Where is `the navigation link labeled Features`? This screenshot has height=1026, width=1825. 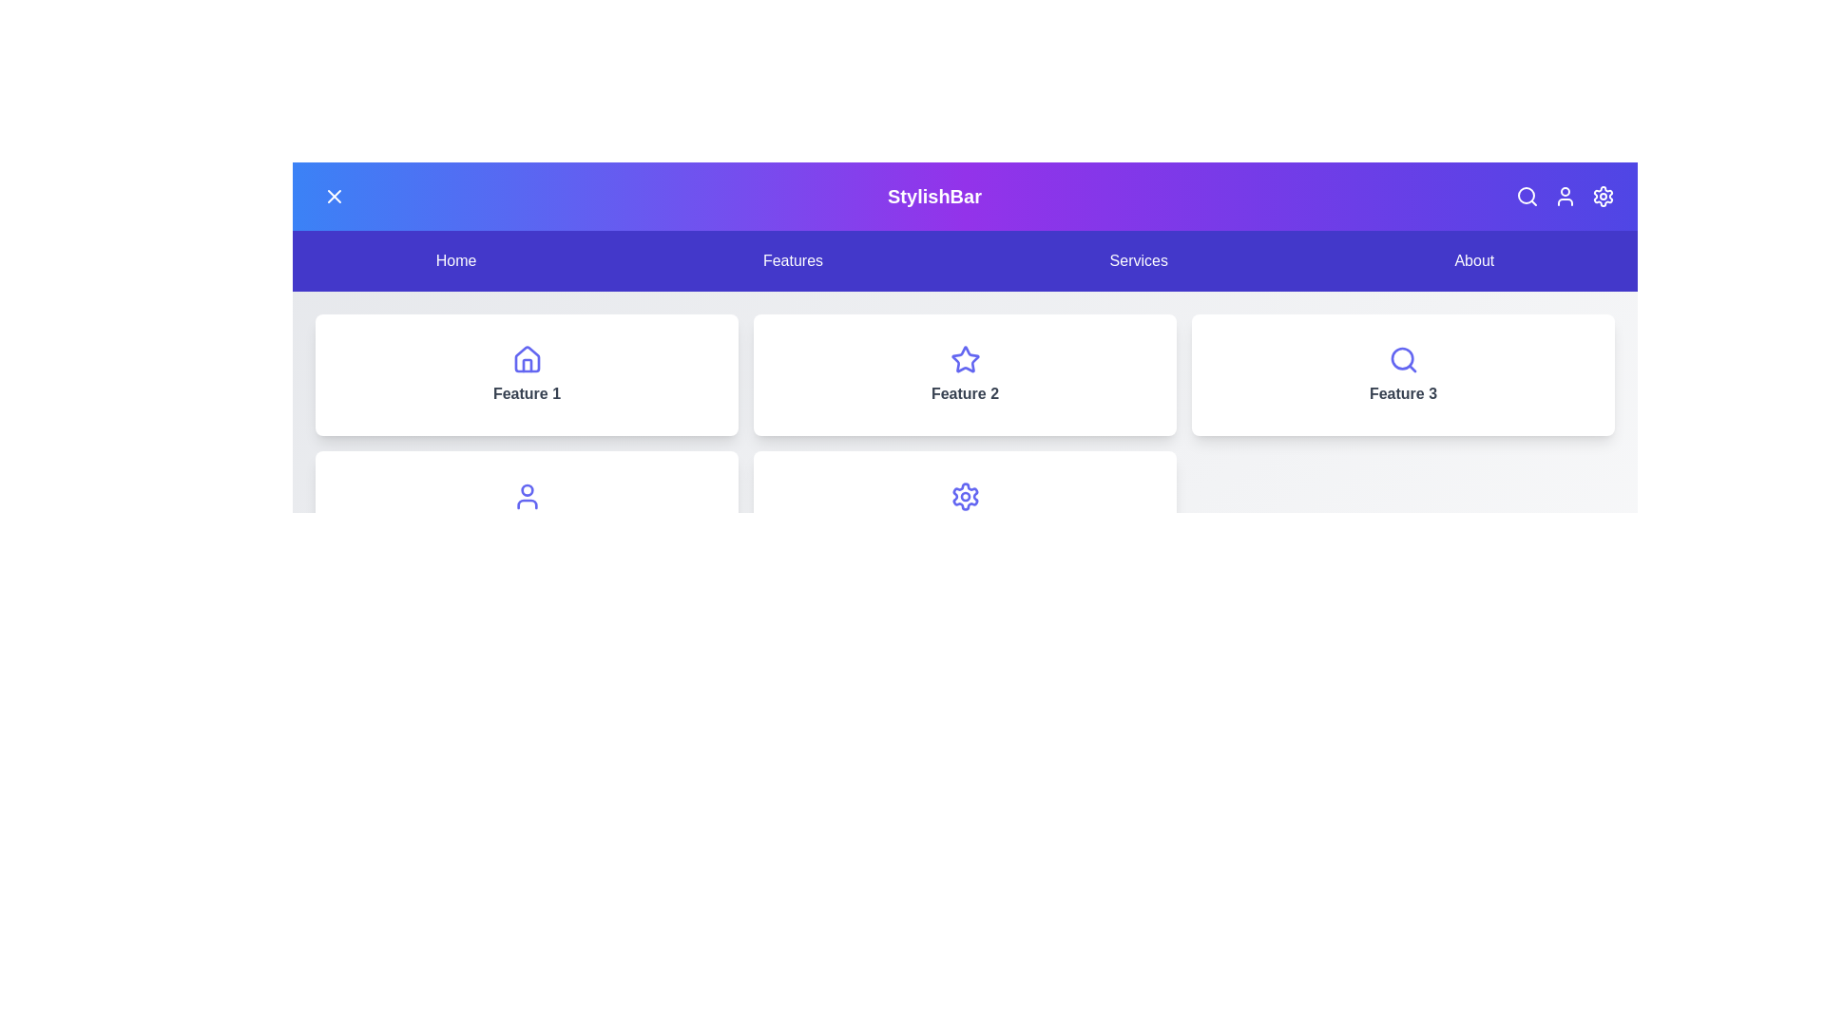
the navigation link labeled Features is located at coordinates (793, 260).